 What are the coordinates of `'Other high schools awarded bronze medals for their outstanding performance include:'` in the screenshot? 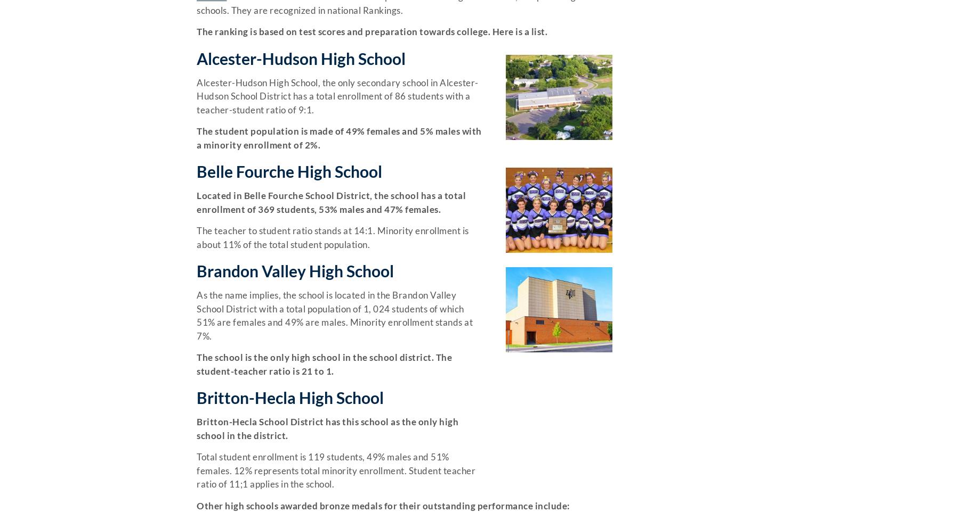 It's located at (382, 505).